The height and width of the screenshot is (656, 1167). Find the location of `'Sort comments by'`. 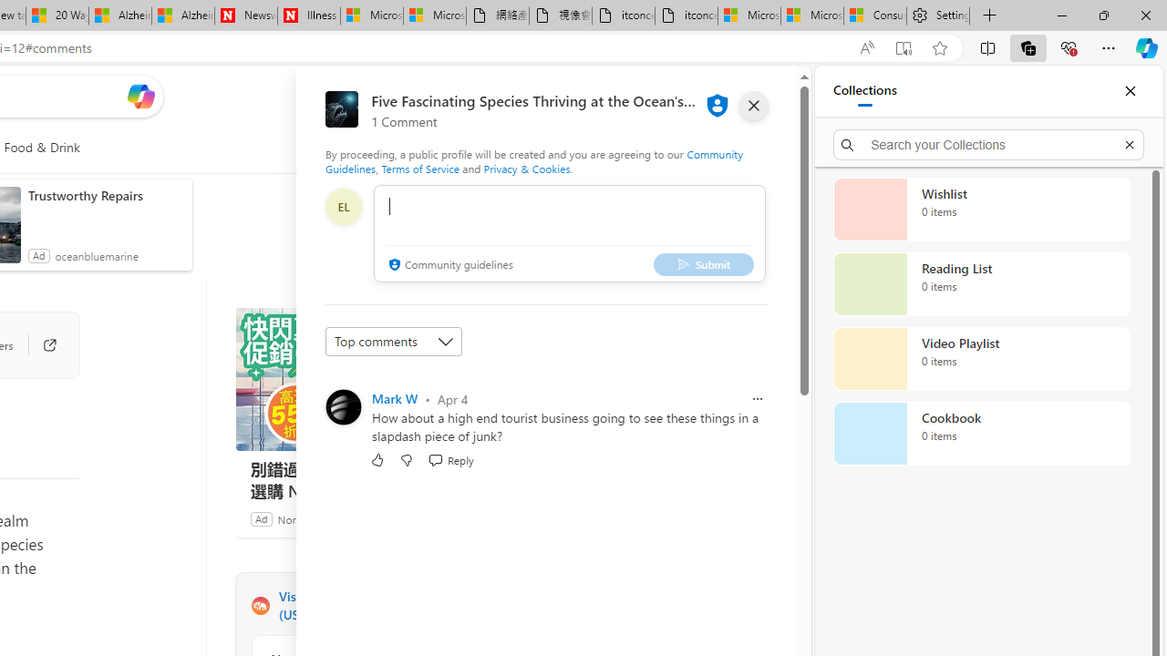

'Sort comments by' is located at coordinates (393, 342).